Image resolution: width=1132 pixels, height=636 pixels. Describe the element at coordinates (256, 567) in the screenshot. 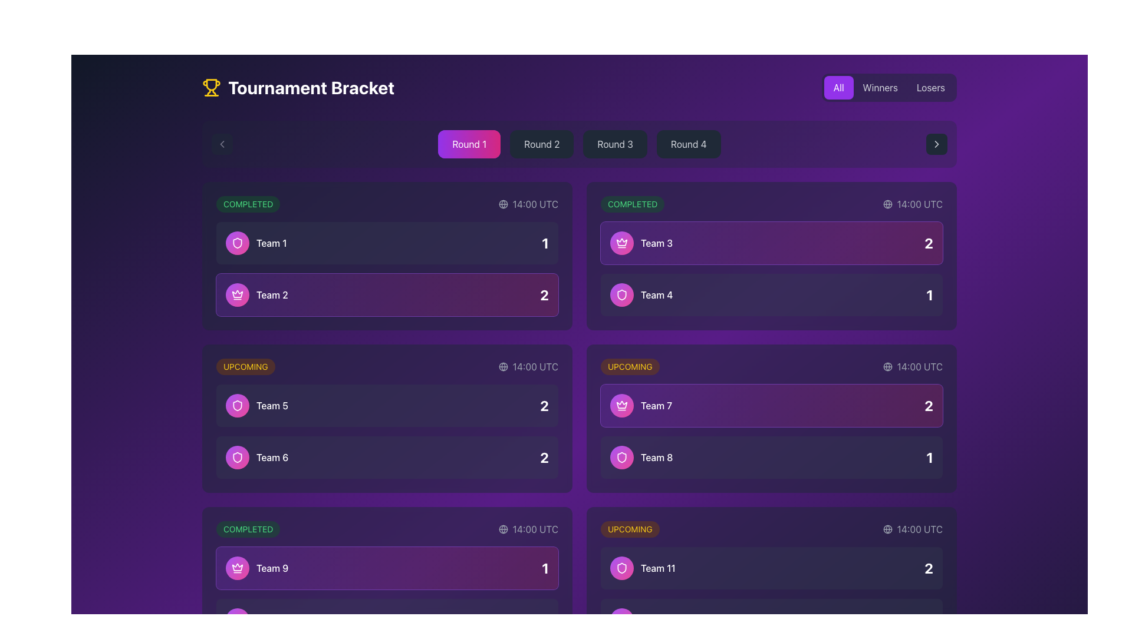

I see `the 'Team 9' text label` at that location.